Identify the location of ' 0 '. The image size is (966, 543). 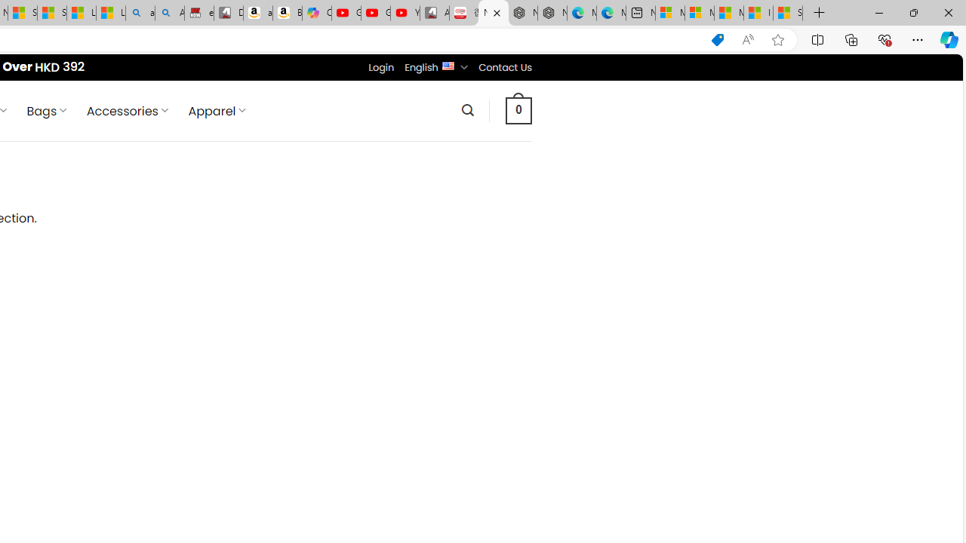
(519, 109).